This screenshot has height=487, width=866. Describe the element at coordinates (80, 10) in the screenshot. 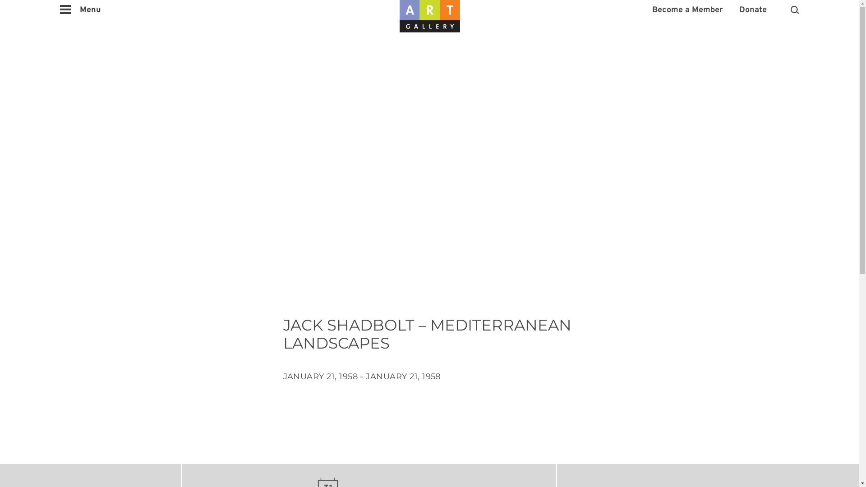

I see `'Menu'` at that location.